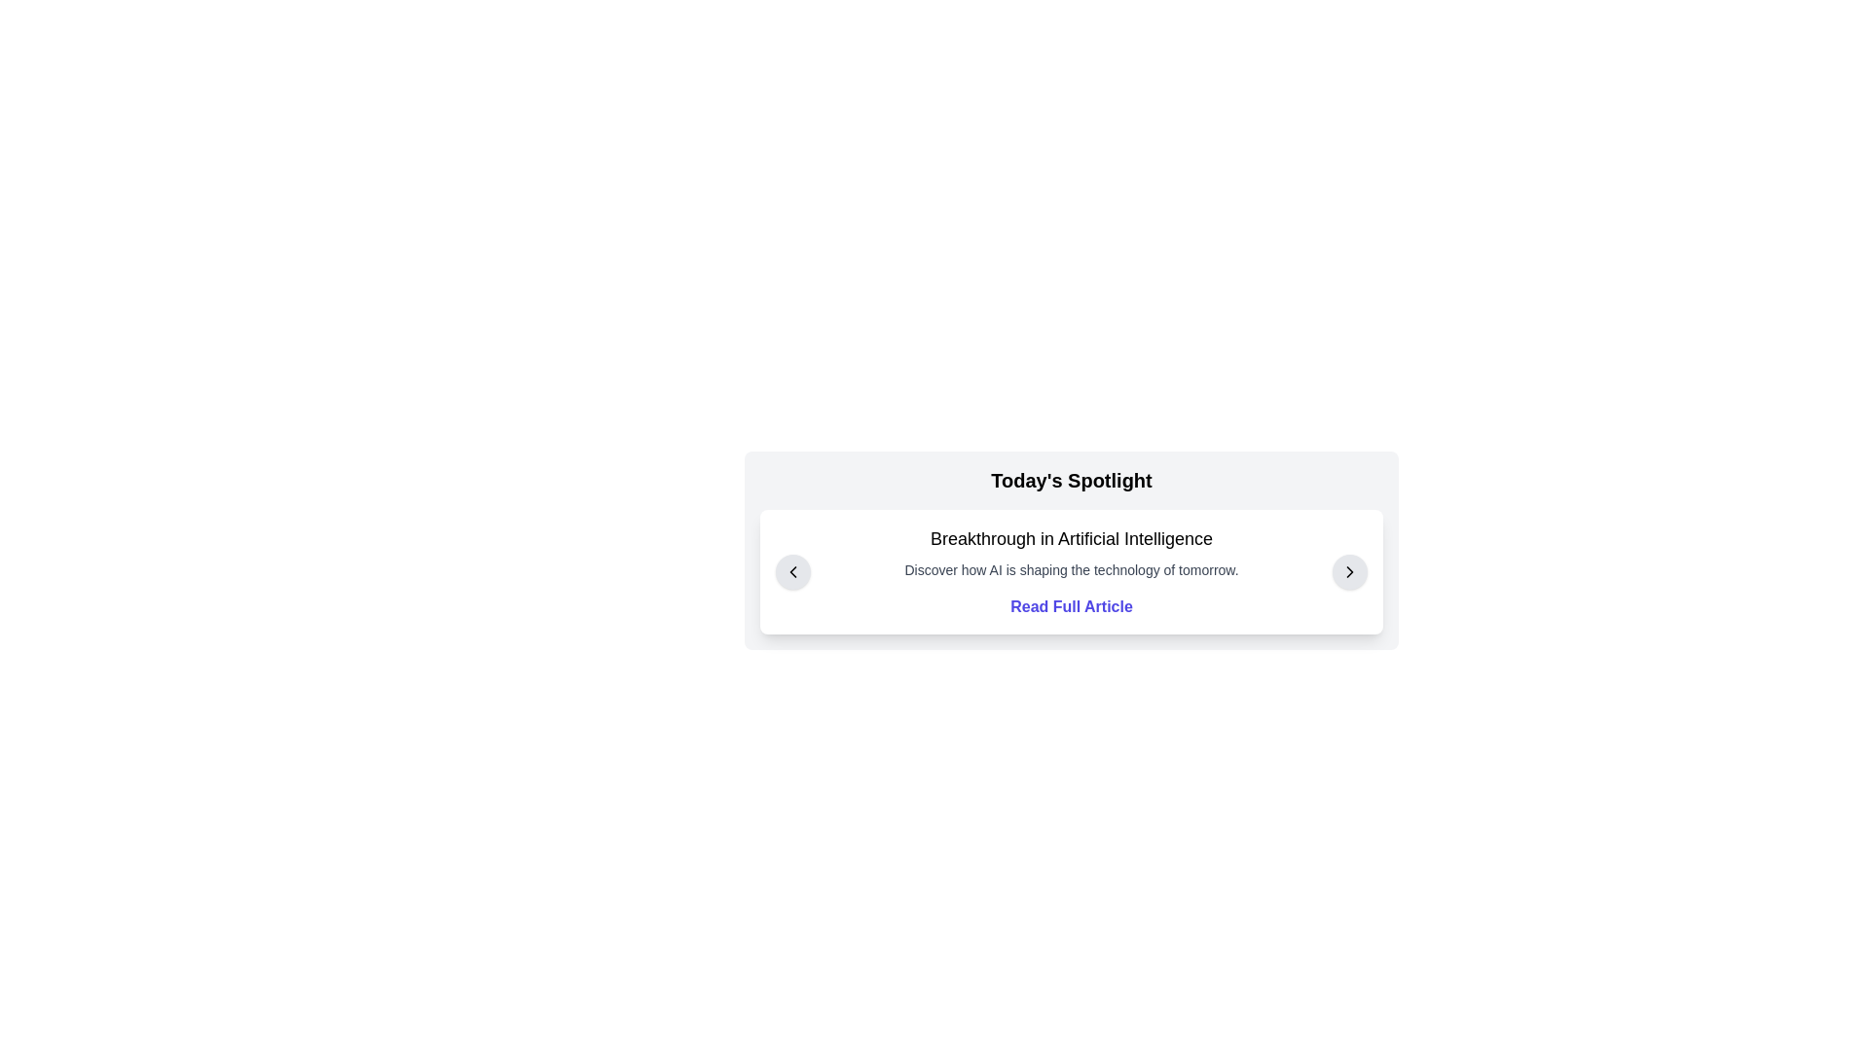  I want to click on the non-interactive informational text that provides a summary below the title 'Breakthrough in Artificial Intelligence', so click(1070, 569).